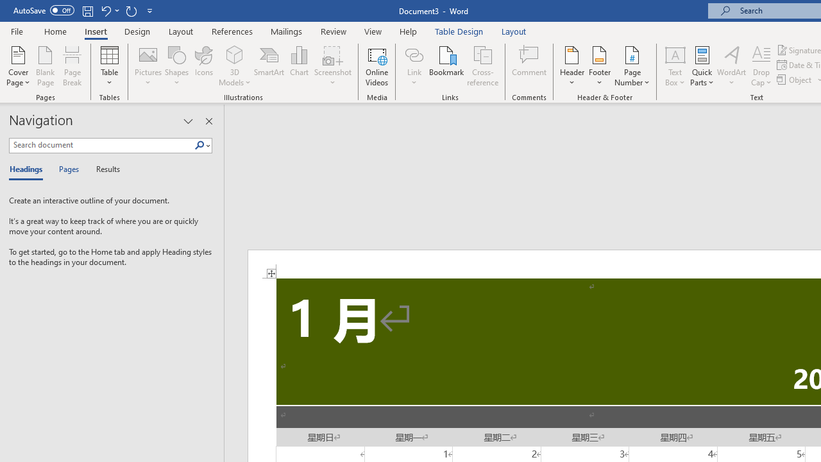 Image resolution: width=821 pixels, height=462 pixels. What do you see at coordinates (674, 66) in the screenshot?
I see `'Text Box'` at bounding box center [674, 66].